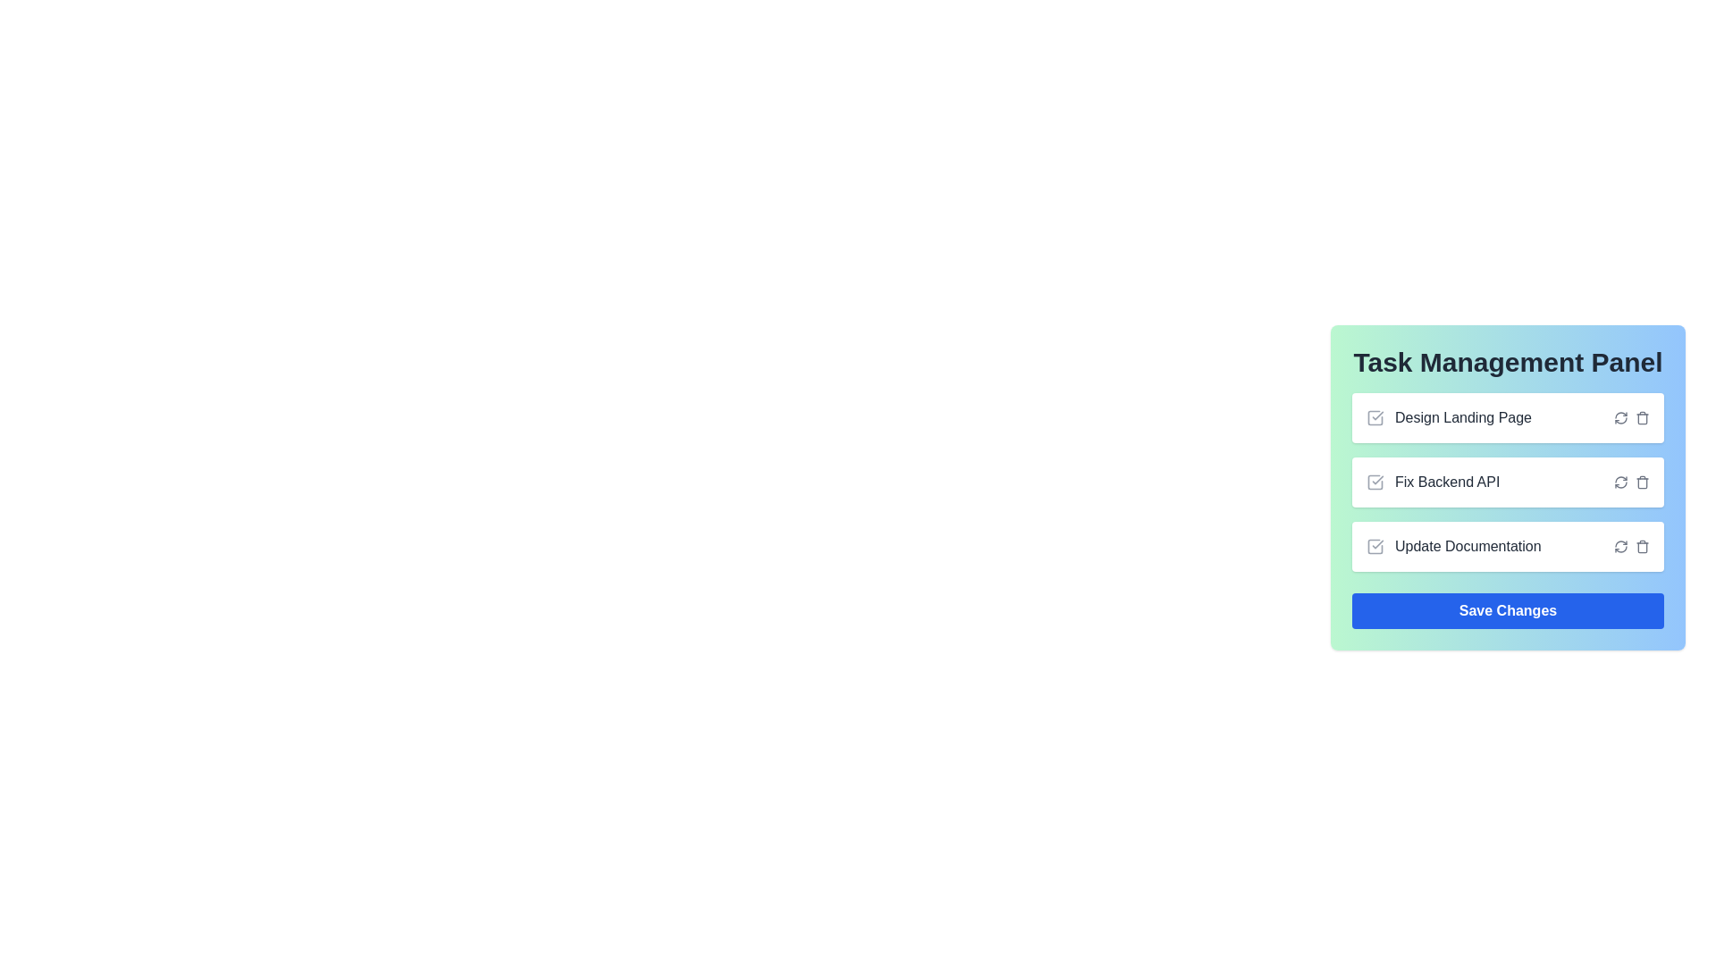 This screenshot has height=965, width=1716. I want to click on the refresh button represented by a circular arrow icon, styled as a small gray button that turns blue on hover, located to the right of the text 'Fix Backend API', so click(1621, 546).